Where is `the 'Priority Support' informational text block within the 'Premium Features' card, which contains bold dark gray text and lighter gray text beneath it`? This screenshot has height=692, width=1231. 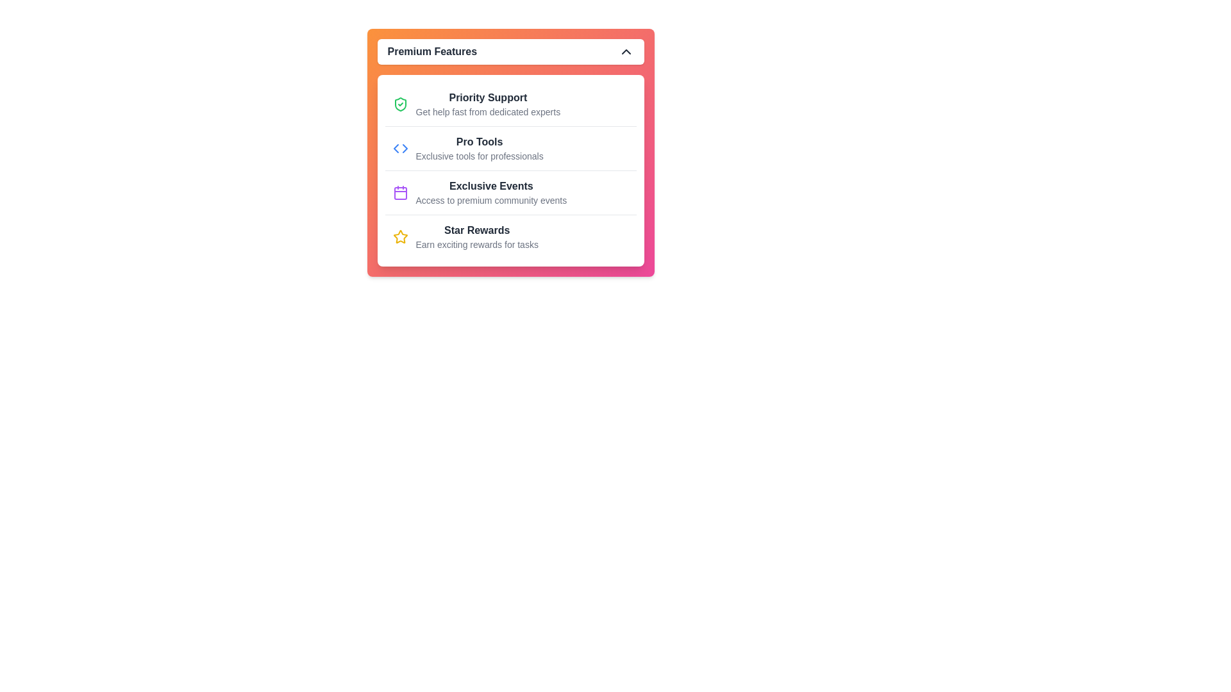
the 'Priority Support' informational text block within the 'Premium Features' card, which contains bold dark gray text and lighter gray text beneath it is located at coordinates (487, 103).